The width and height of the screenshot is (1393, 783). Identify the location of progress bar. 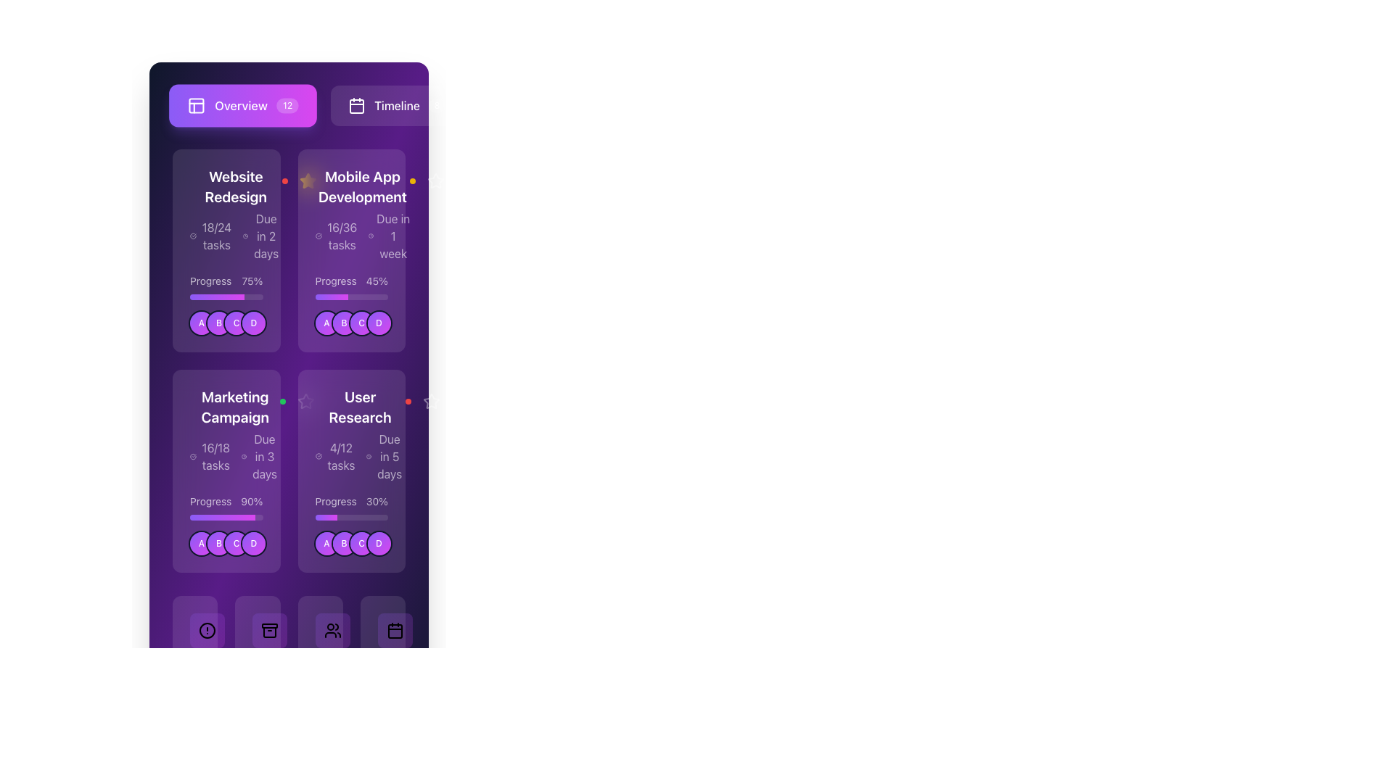
(245, 516).